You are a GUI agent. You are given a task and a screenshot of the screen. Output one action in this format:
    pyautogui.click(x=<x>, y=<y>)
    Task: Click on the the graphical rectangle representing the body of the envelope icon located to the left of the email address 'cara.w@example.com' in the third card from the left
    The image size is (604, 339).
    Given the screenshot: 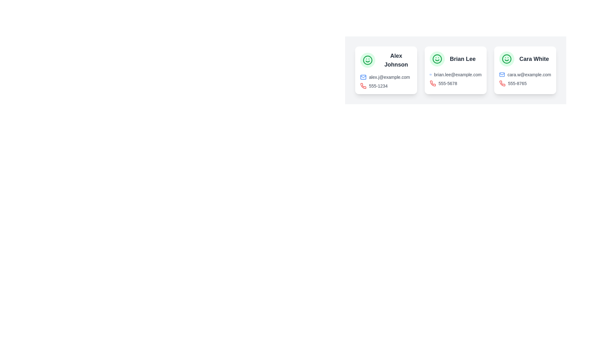 What is the action you would take?
    pyautogui.click(x=502, y=74)
    